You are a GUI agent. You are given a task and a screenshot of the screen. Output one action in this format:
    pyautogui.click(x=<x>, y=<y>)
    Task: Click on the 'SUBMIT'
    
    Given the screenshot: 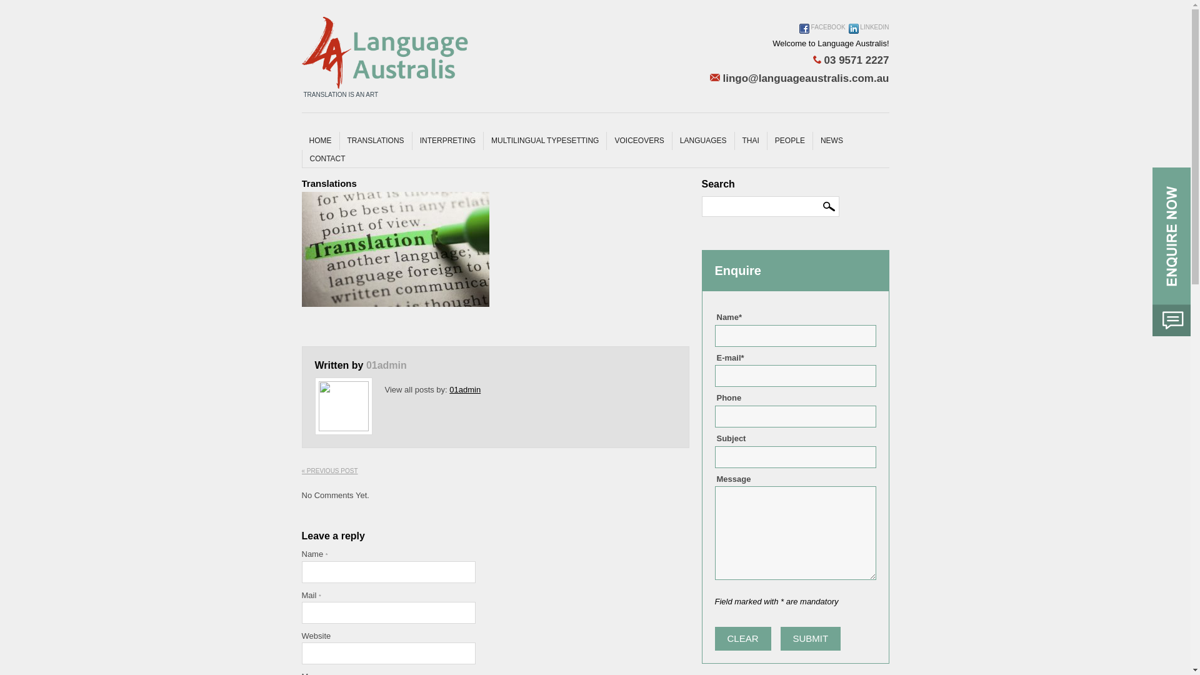 What is the action you would take?
    pyautogui.click(x=811, y=639)
    